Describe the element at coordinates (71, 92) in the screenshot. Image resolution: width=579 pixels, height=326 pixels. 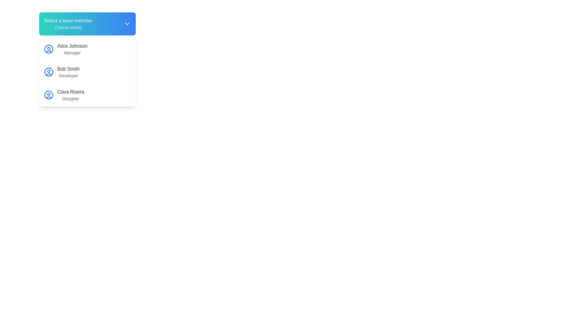
I see `displayed text 'Clara Rivera' from the text label in the dropdown selection list under 'Select a team member.'` at that location.